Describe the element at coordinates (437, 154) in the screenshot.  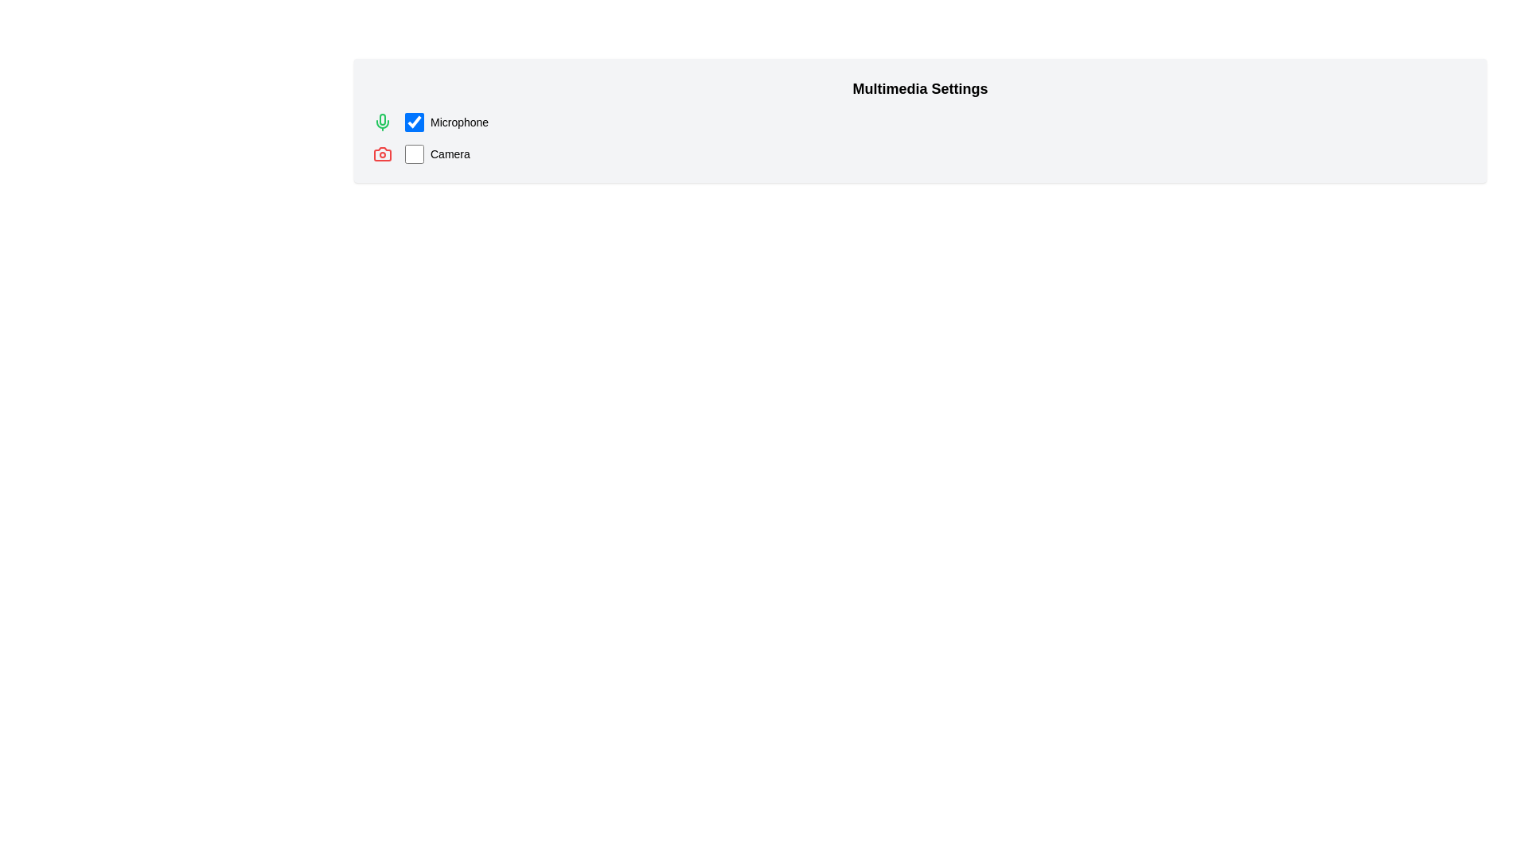
I see `the checkbox labeled 'Camera'` at that location.